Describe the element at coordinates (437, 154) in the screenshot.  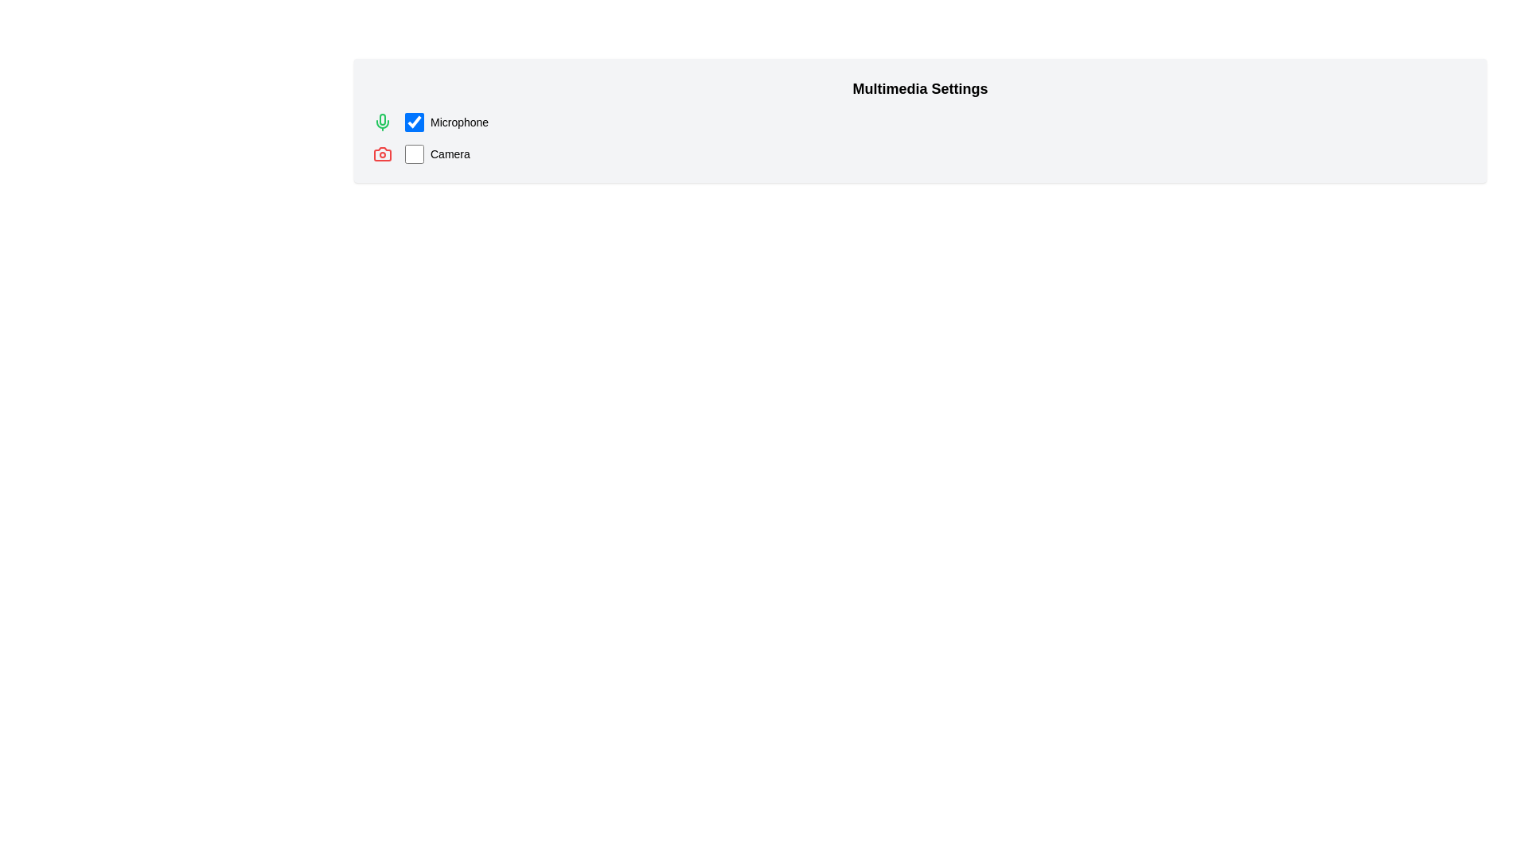
I see `the checkbox labeled 'Camera'` at that location.